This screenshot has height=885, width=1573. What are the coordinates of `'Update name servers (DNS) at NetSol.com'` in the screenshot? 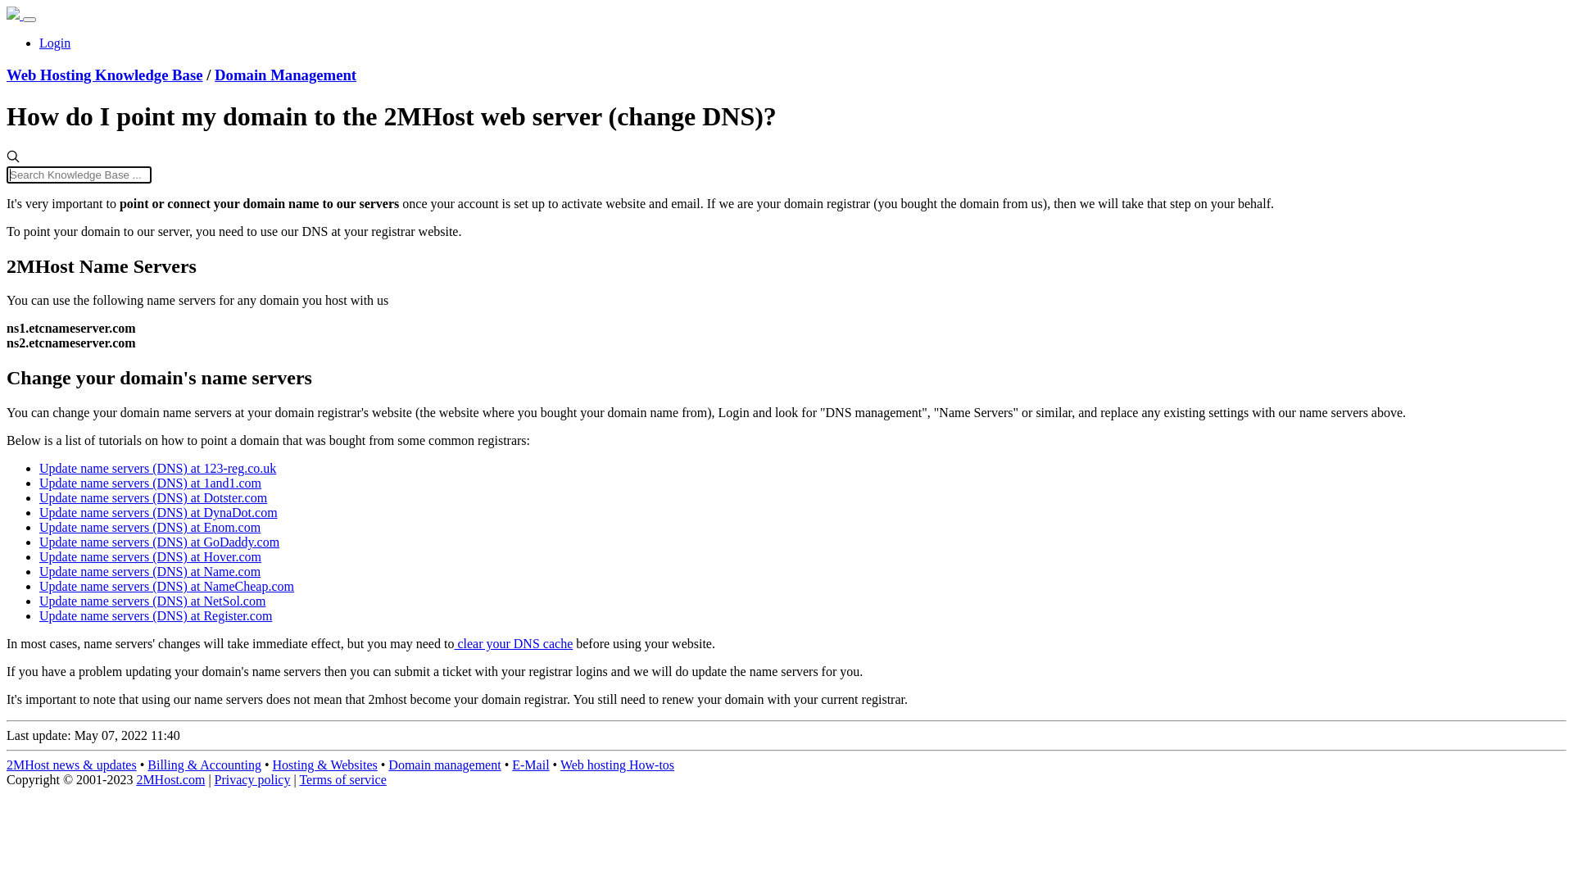 It's located at (152, 601).